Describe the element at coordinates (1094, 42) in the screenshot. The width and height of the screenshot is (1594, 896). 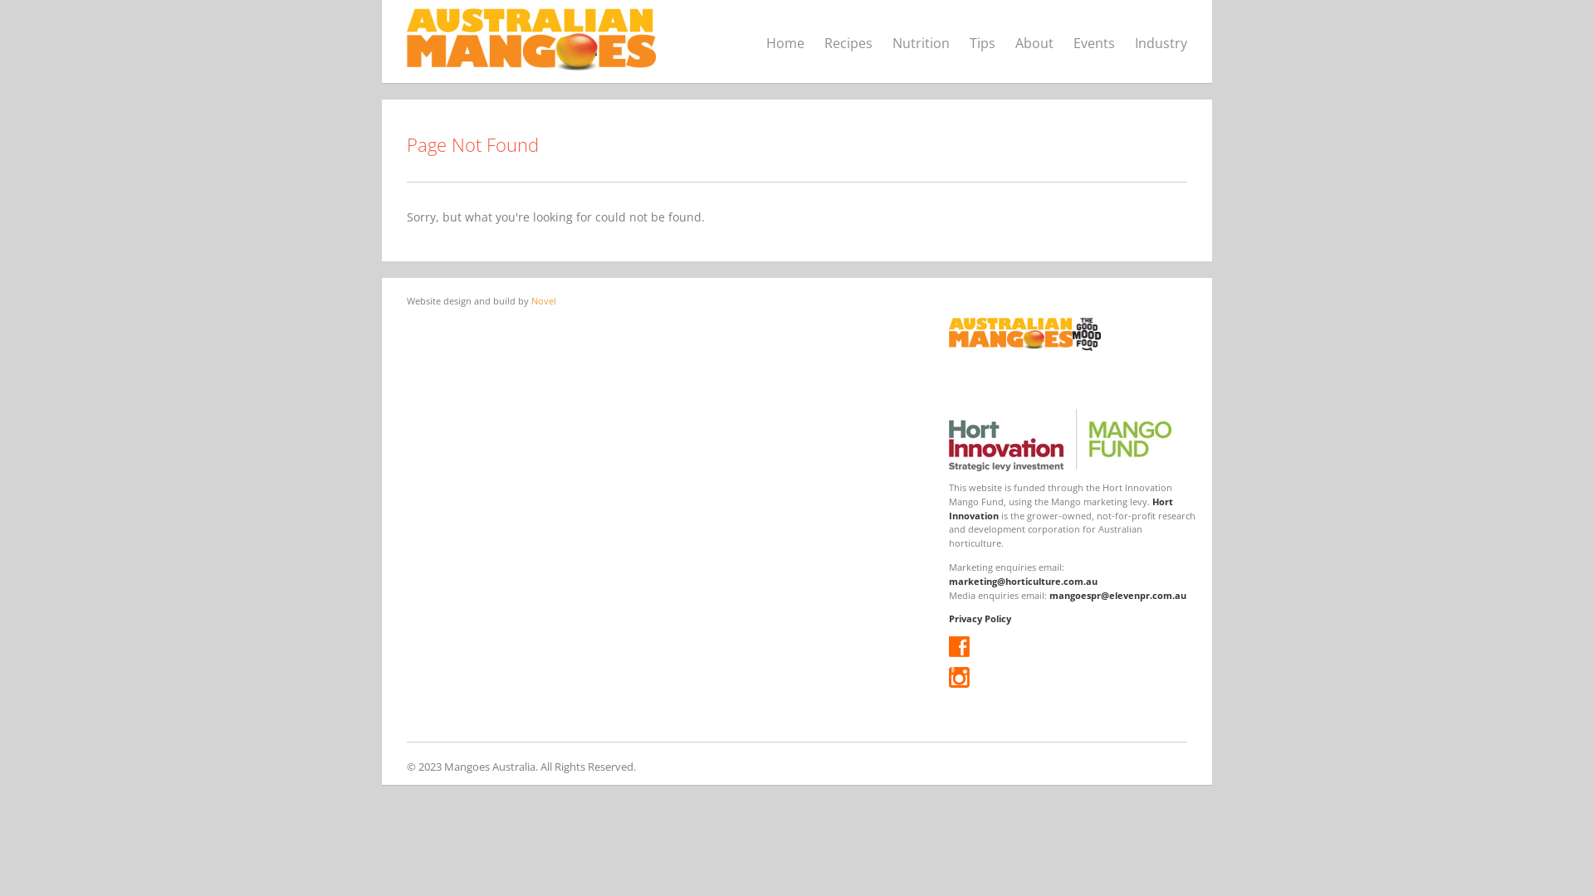
I see `'Events'` at that location.